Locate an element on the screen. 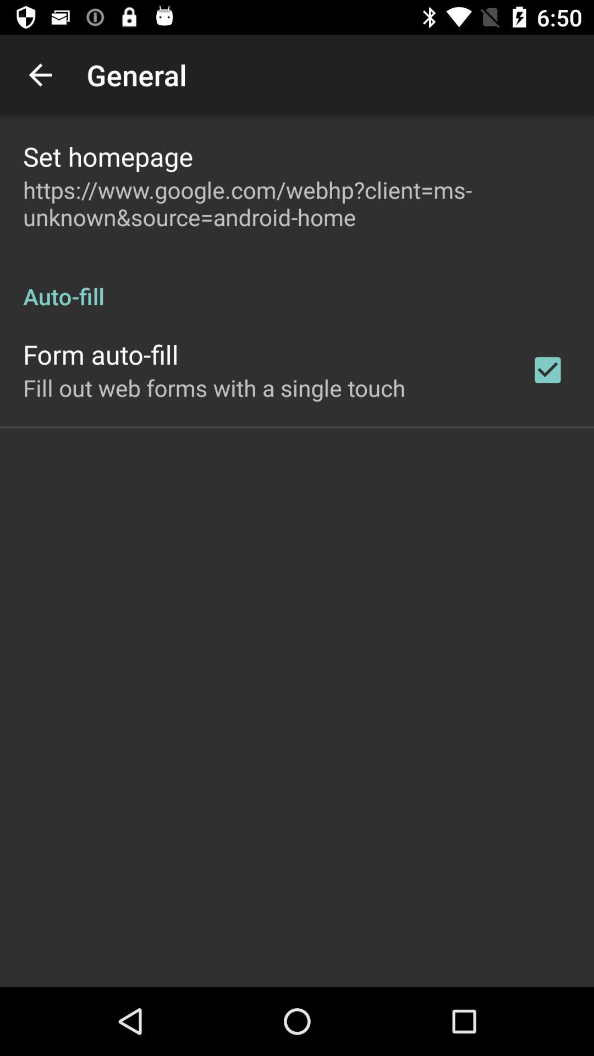 The height and width of the screenshot is (1056, 594). the https www google item is located at coordinates (297, 203).